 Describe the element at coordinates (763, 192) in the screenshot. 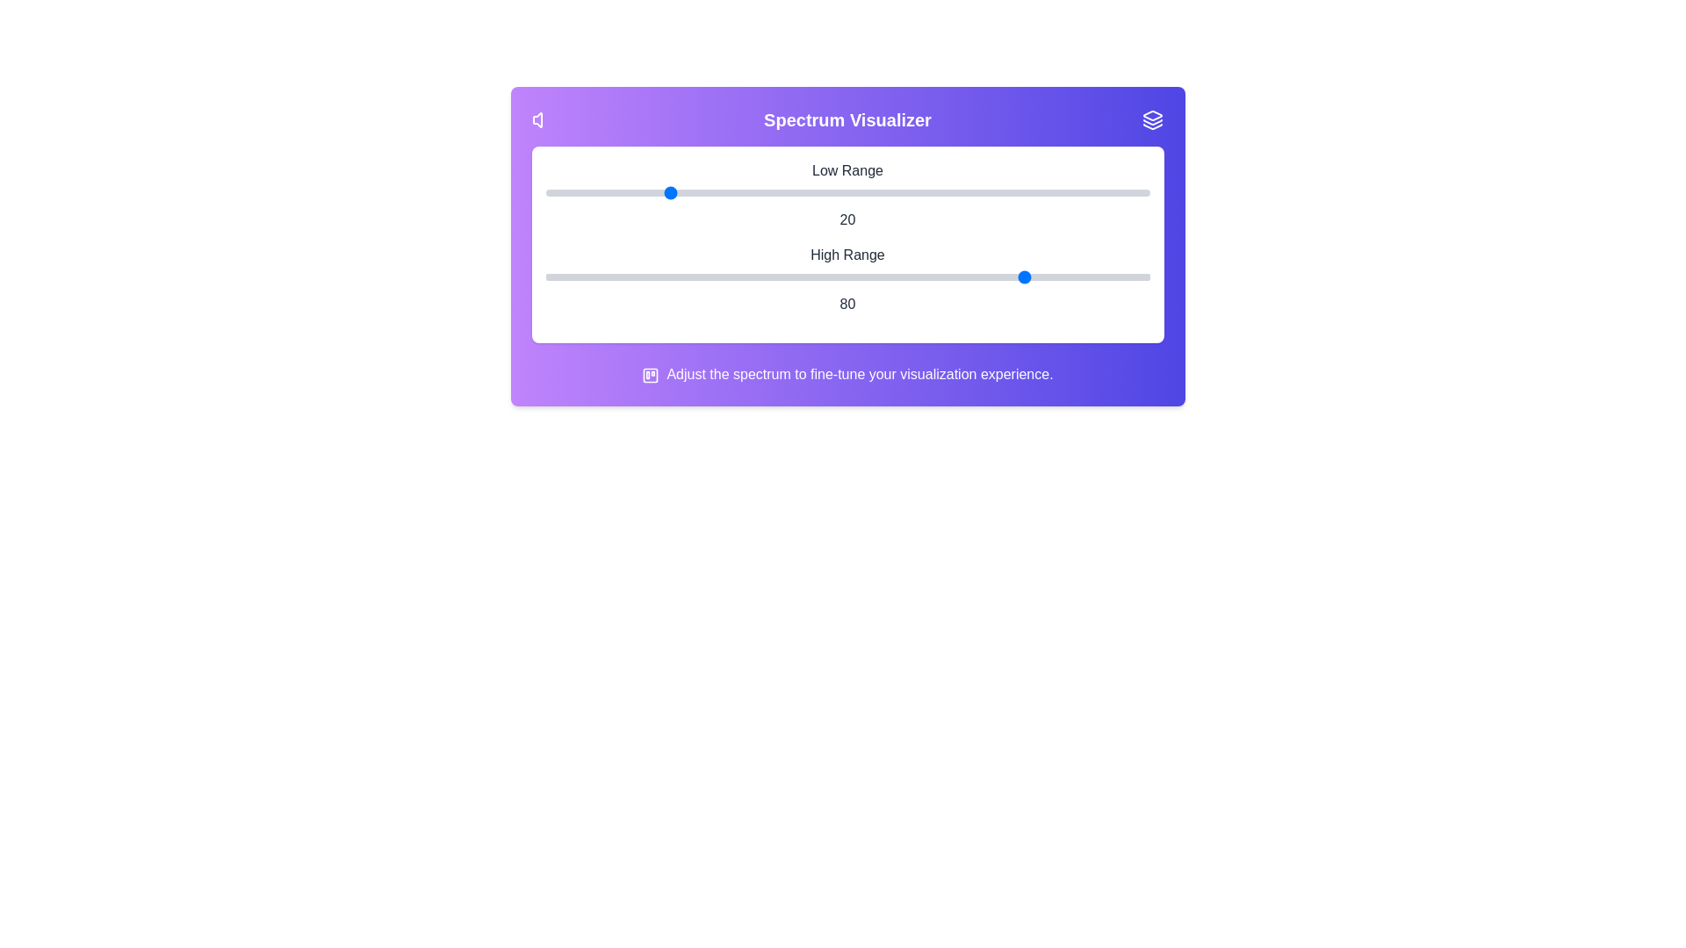

I see `the low range slider to 36` at that location.